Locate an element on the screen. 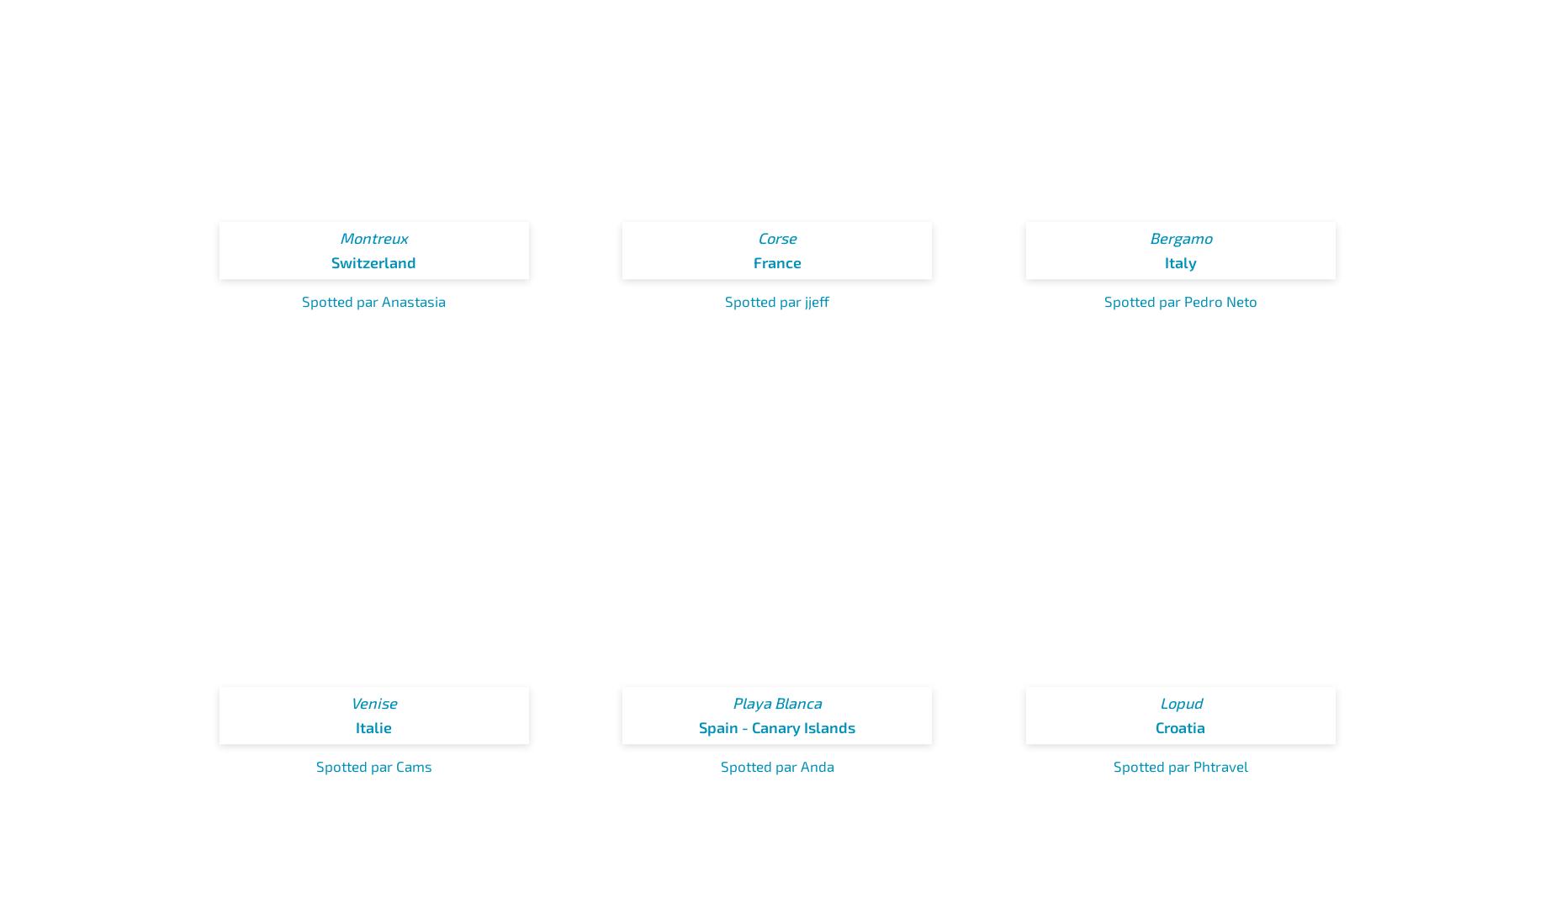 This screenshot has width=1556, height=903. 'Spotted par Pedro Neto' is located at coordinates (1180, 299).